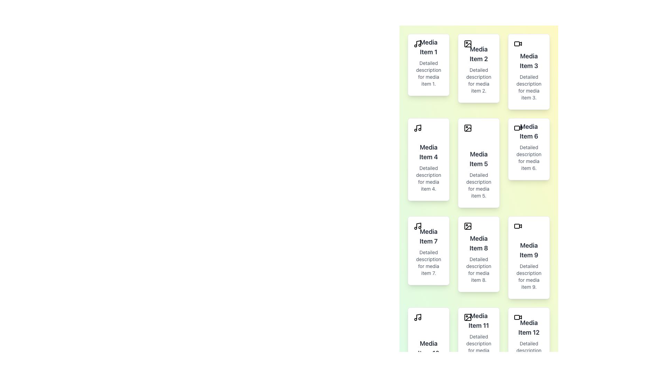 This screenshot has height=373, width=664. I want to click on text label that displays 'Detailed description for media item 6.' This label is styled in small gray font and is located beneath the title 'Media Item 6' in the card layout, so click(528, 157).